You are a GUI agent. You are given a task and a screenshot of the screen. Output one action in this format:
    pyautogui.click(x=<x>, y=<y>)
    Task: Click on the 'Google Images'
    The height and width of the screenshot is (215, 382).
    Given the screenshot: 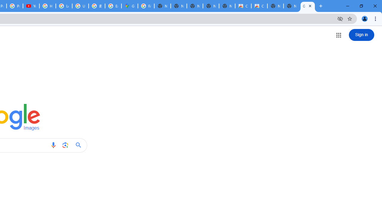 What is the action you would take?
    pyautogui.click(x=308, y=6)
    